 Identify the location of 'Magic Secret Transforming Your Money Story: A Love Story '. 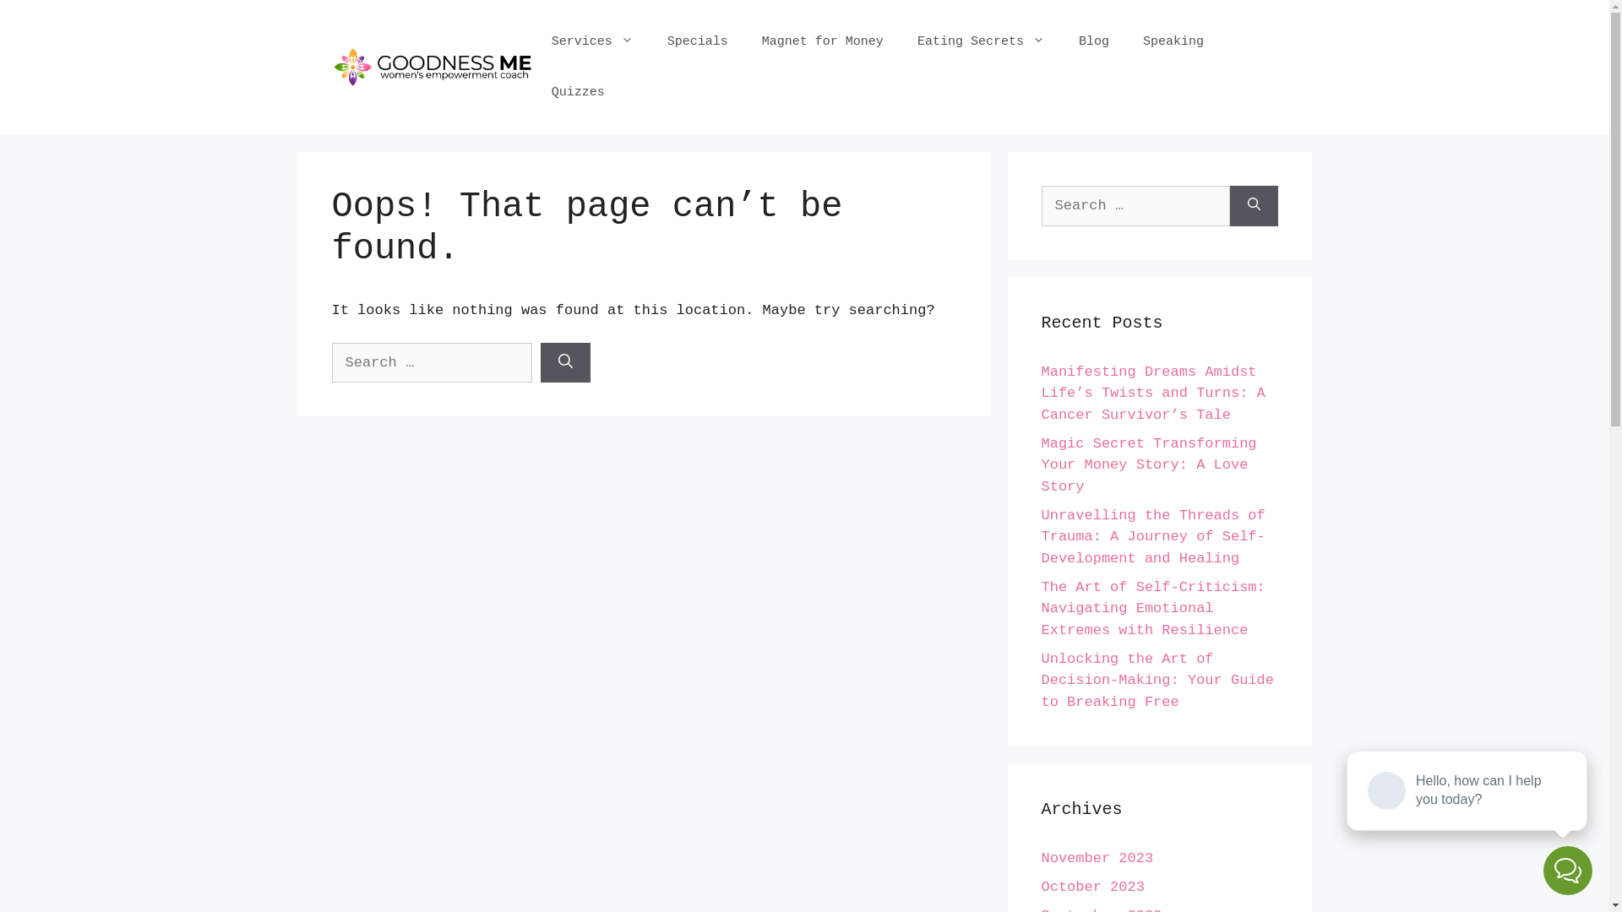
(1148, 465).